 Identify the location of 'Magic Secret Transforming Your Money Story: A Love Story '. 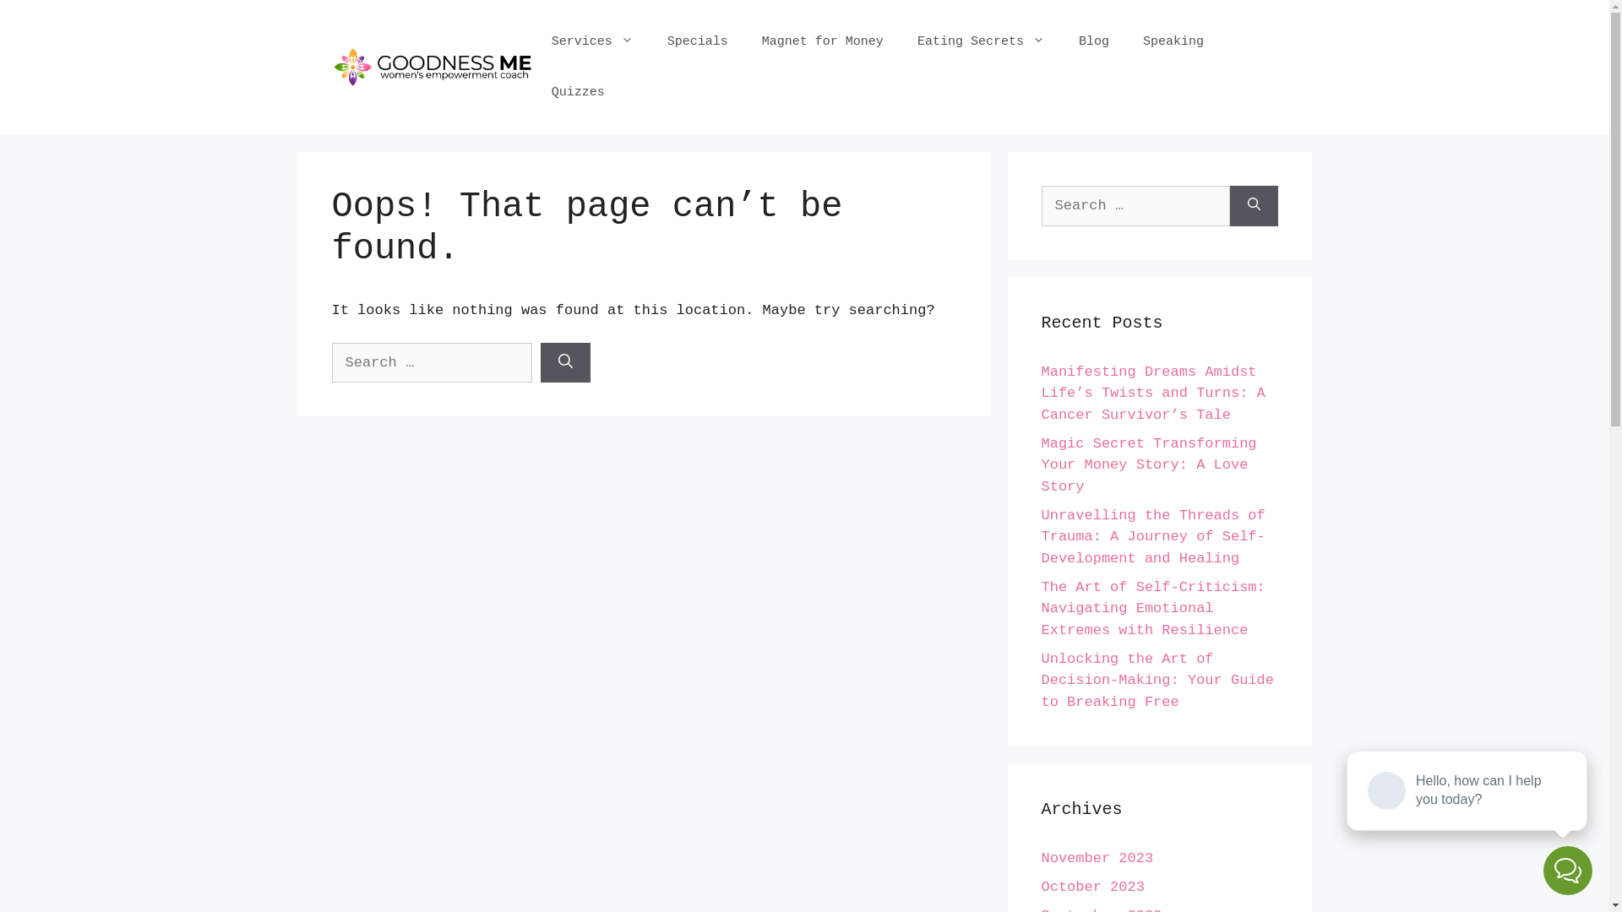
(1148, 465).